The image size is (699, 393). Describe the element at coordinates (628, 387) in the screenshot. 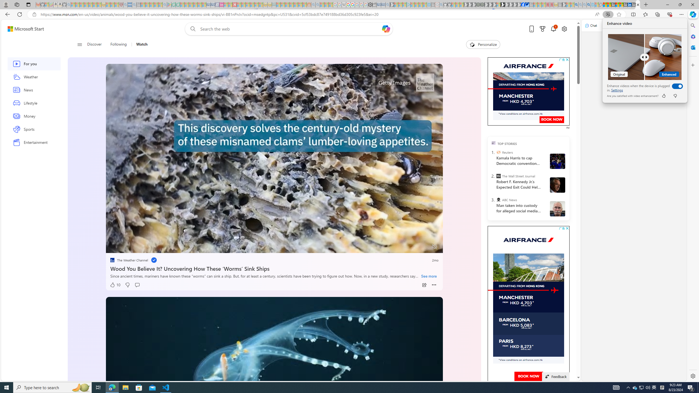

I see `'Notification Chevron'` at that location.